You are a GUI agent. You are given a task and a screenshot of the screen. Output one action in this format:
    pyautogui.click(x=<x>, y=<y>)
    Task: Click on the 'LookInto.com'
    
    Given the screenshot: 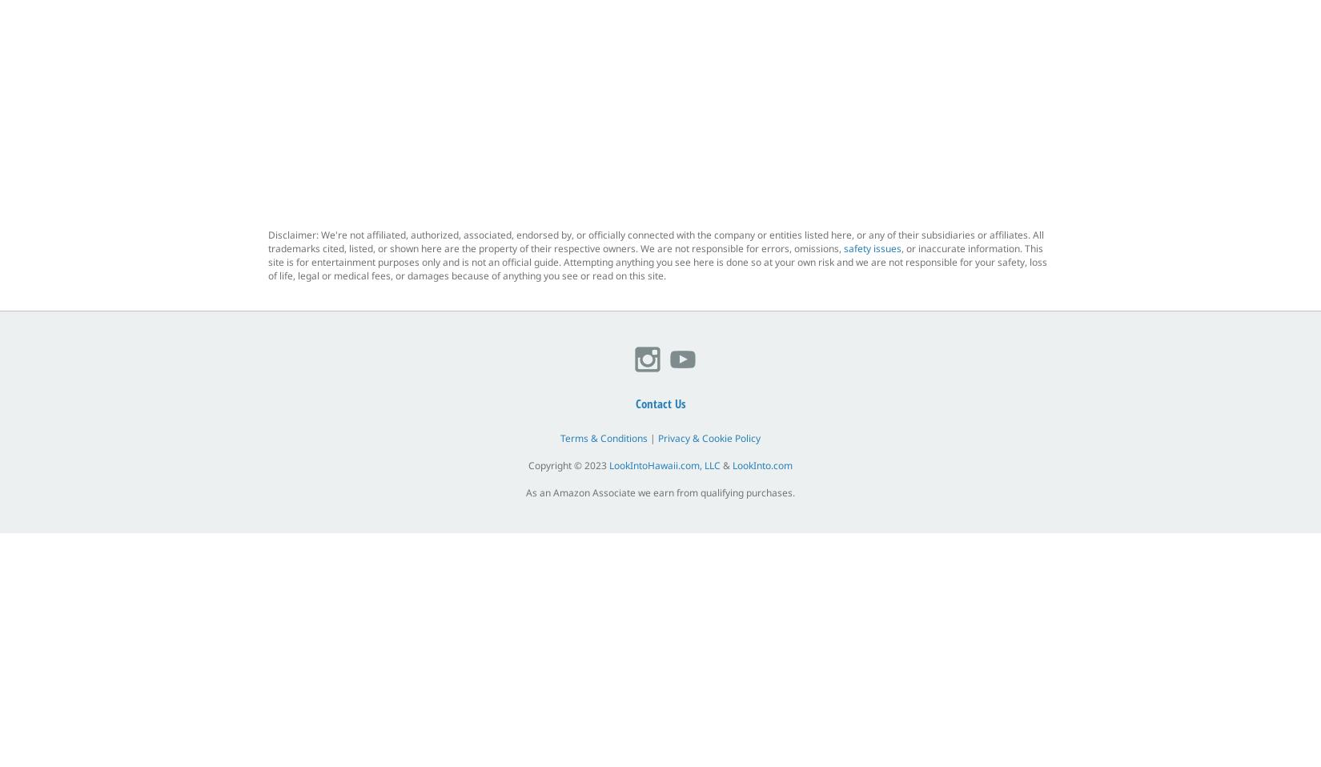 What is the action you would take?
    pyautogui.click(x=762, y=465)
    